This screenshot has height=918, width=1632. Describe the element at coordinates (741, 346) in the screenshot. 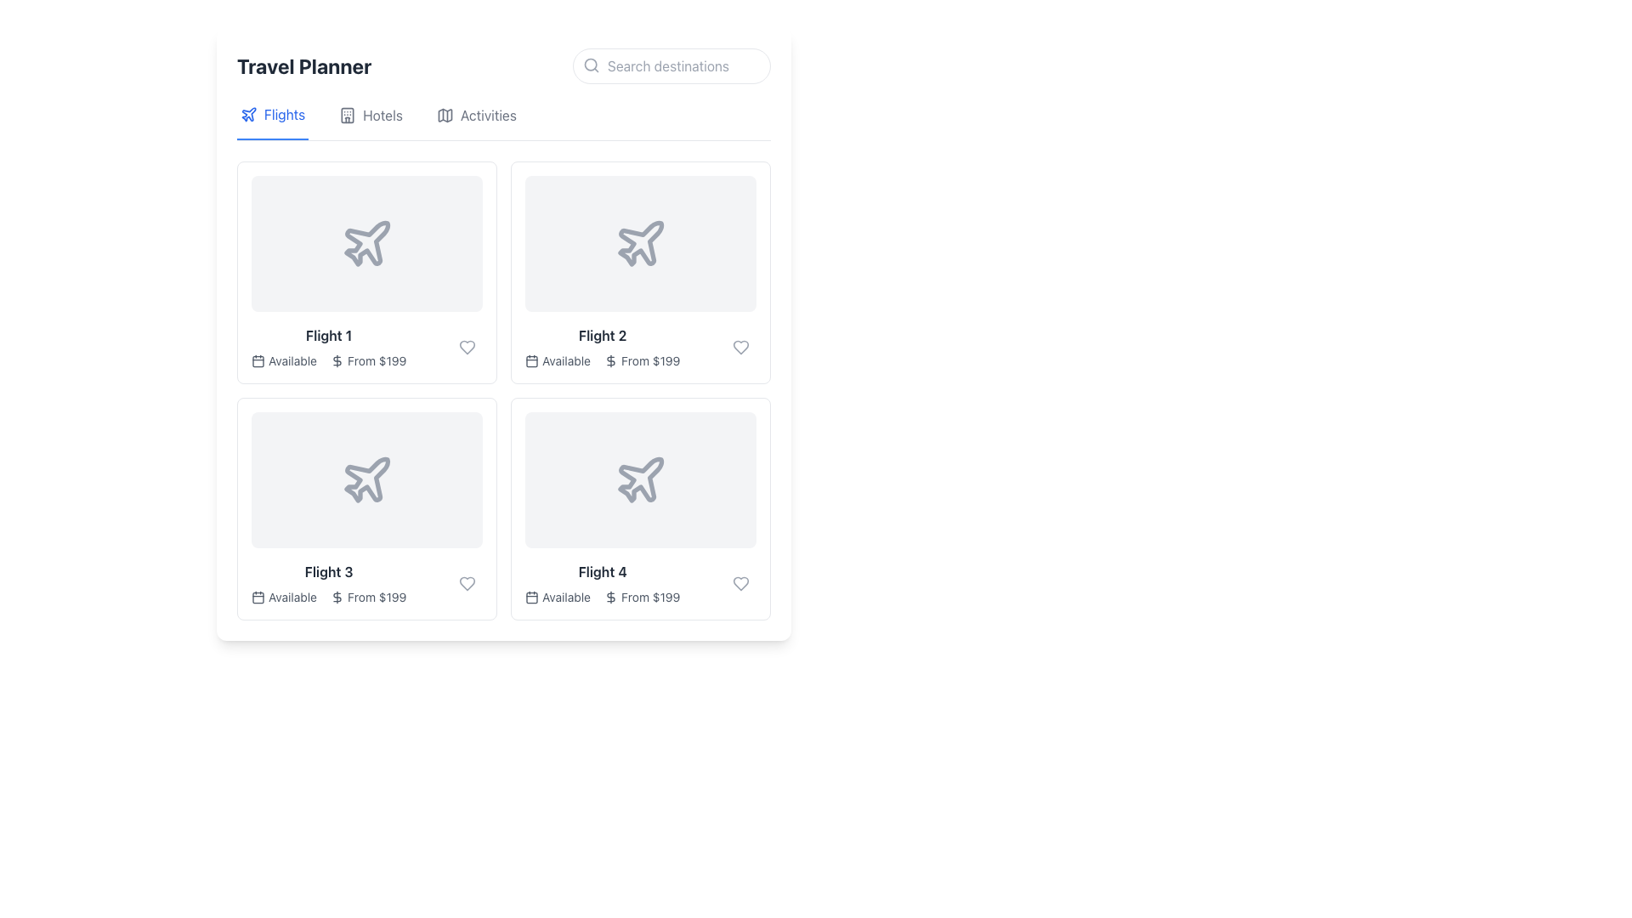

I see `the heart-shaped icon located at the bottom right area of the second card in the grid layout to mark the associated flight as favorite` at that location.